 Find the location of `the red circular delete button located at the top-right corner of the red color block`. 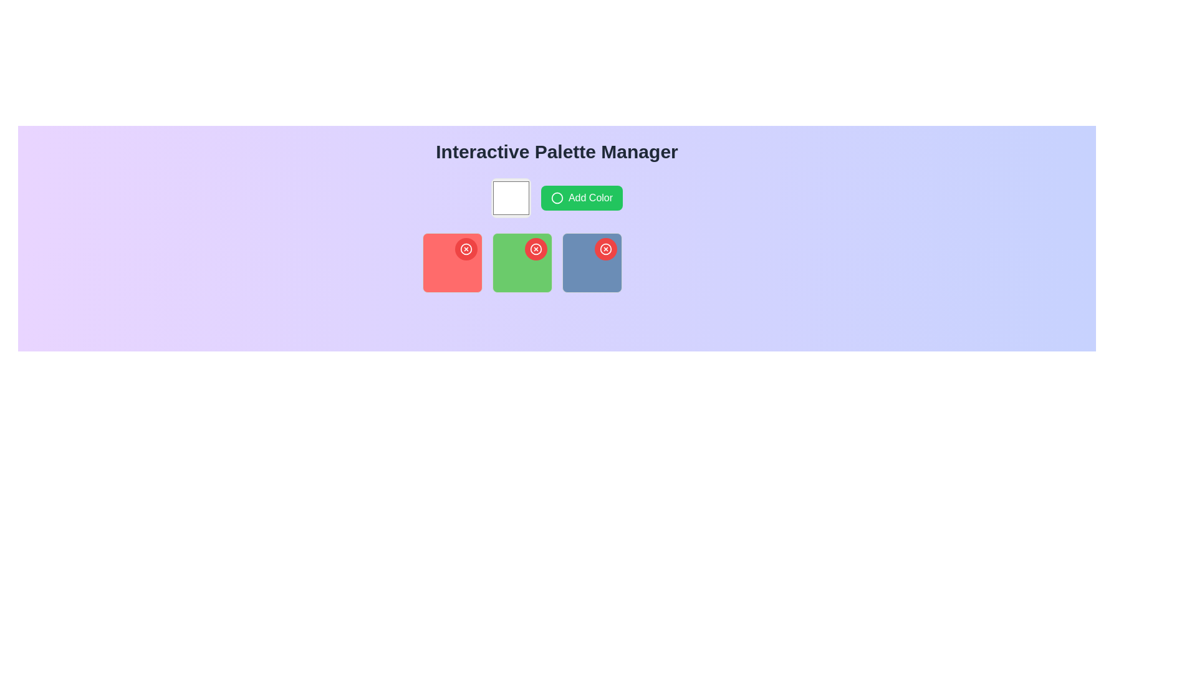

the red circular delete button located at the top-right corner of the red color block is located at coordinates (465, 249).